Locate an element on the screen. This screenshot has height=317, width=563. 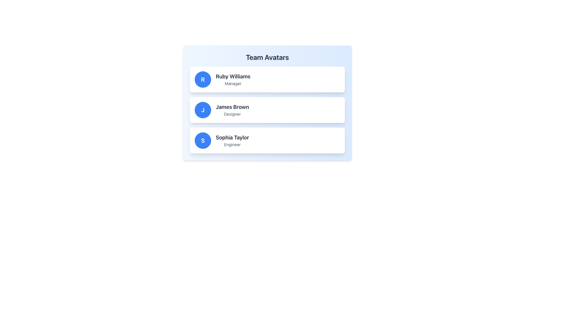
the Static text block that presents the name and role of a team member, located on the first row of the 'Team Avatars' section, to the right of the circular blue avatar with the initial 'R.' is located at coordinates (233, 79).